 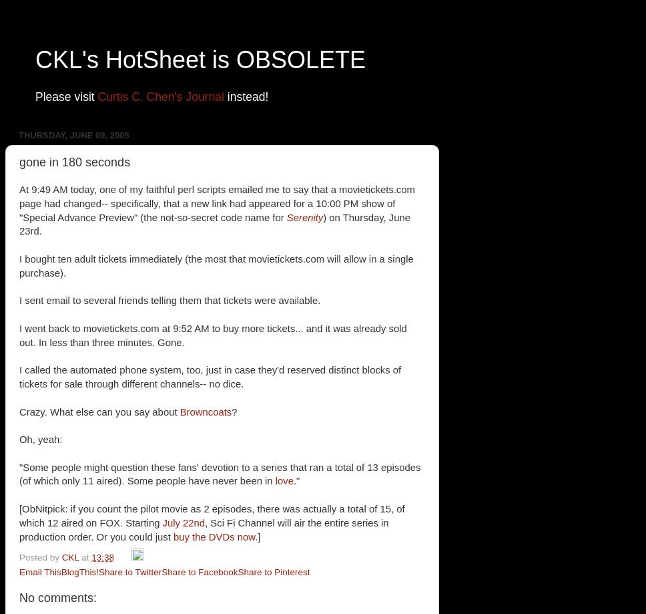 I want to click on 'at', so click(x=81, y=557).